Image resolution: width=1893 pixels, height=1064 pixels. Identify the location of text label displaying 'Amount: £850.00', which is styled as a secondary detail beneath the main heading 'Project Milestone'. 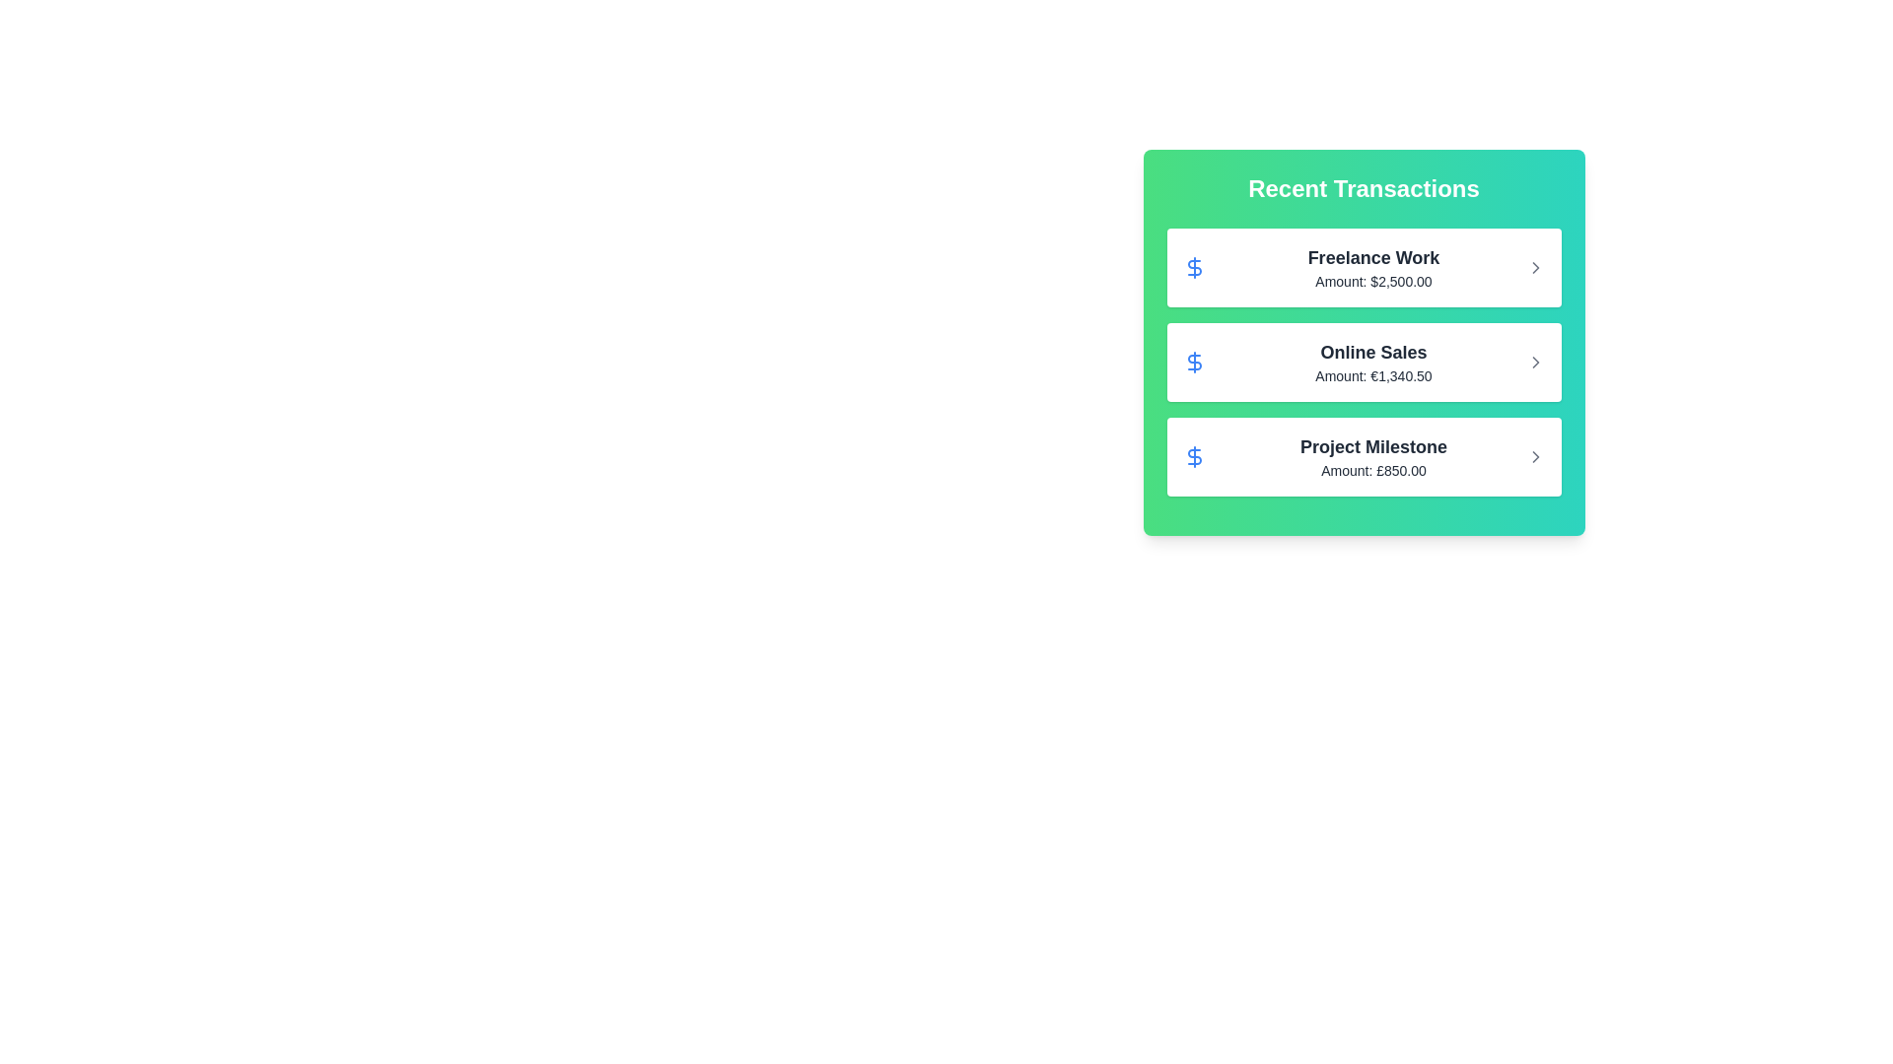
(1372, 471).